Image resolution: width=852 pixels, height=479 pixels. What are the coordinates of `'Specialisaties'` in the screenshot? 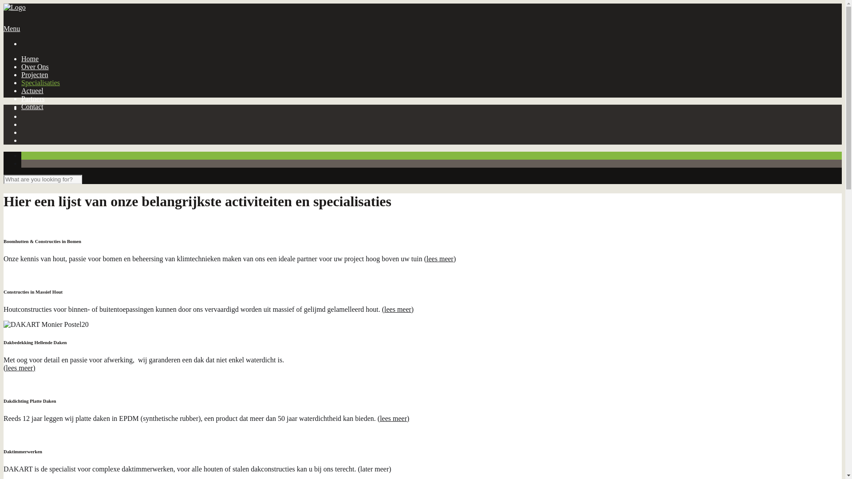 It's located at (40, 82).